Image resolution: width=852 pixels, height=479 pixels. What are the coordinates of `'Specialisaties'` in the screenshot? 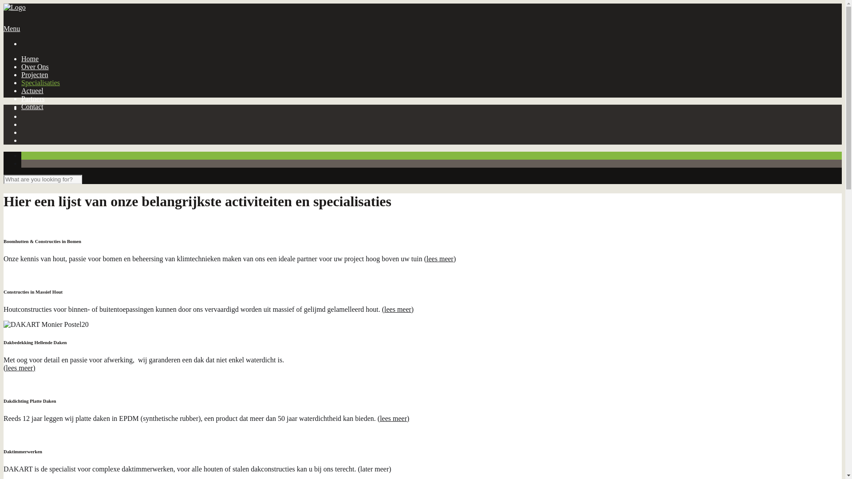 It's located at (40, 82).